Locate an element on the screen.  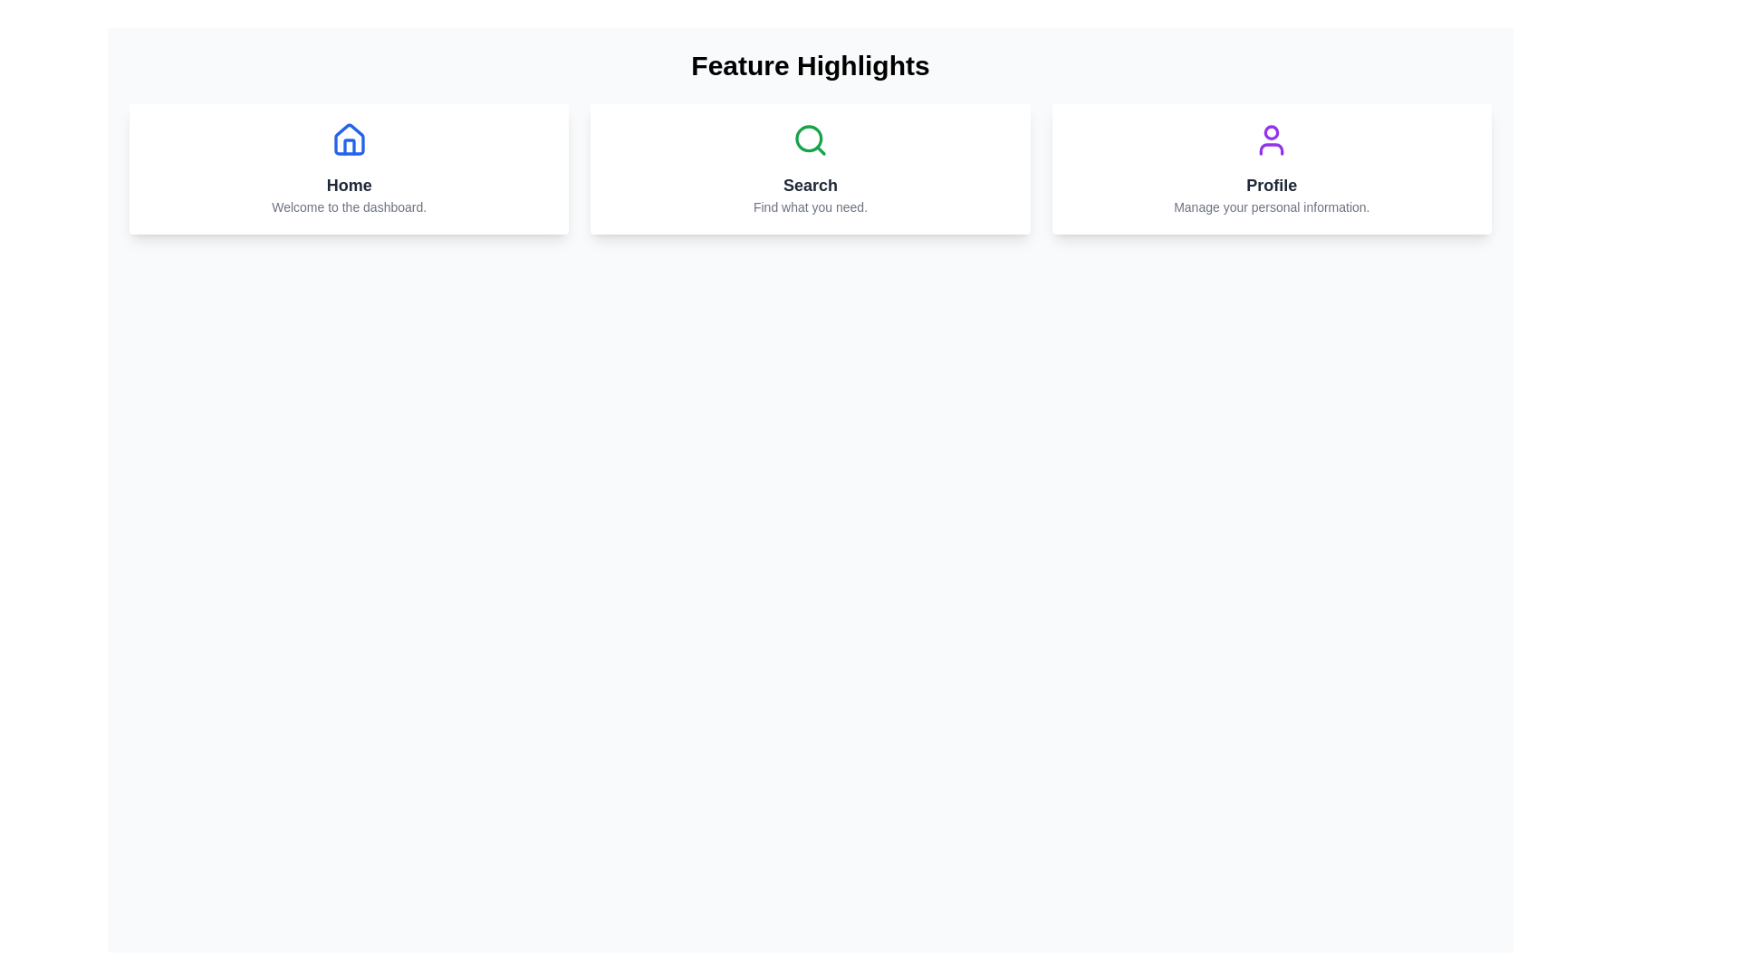
the Header text located at the top of the interface, which indicates the section showcasing feature highlights is located at coordinates (809, 65).